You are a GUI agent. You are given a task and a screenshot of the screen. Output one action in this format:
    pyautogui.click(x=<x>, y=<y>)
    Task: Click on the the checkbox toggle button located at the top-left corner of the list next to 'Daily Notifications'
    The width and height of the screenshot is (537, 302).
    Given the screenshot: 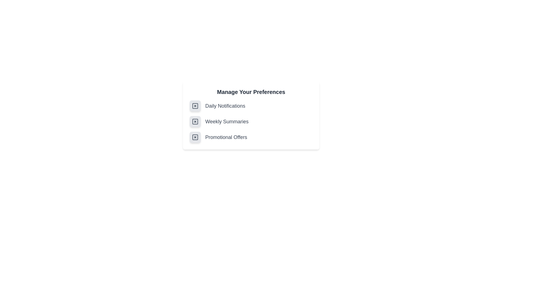 What is the action you would take?
    pyautogui.click(x=195, y=106)
    